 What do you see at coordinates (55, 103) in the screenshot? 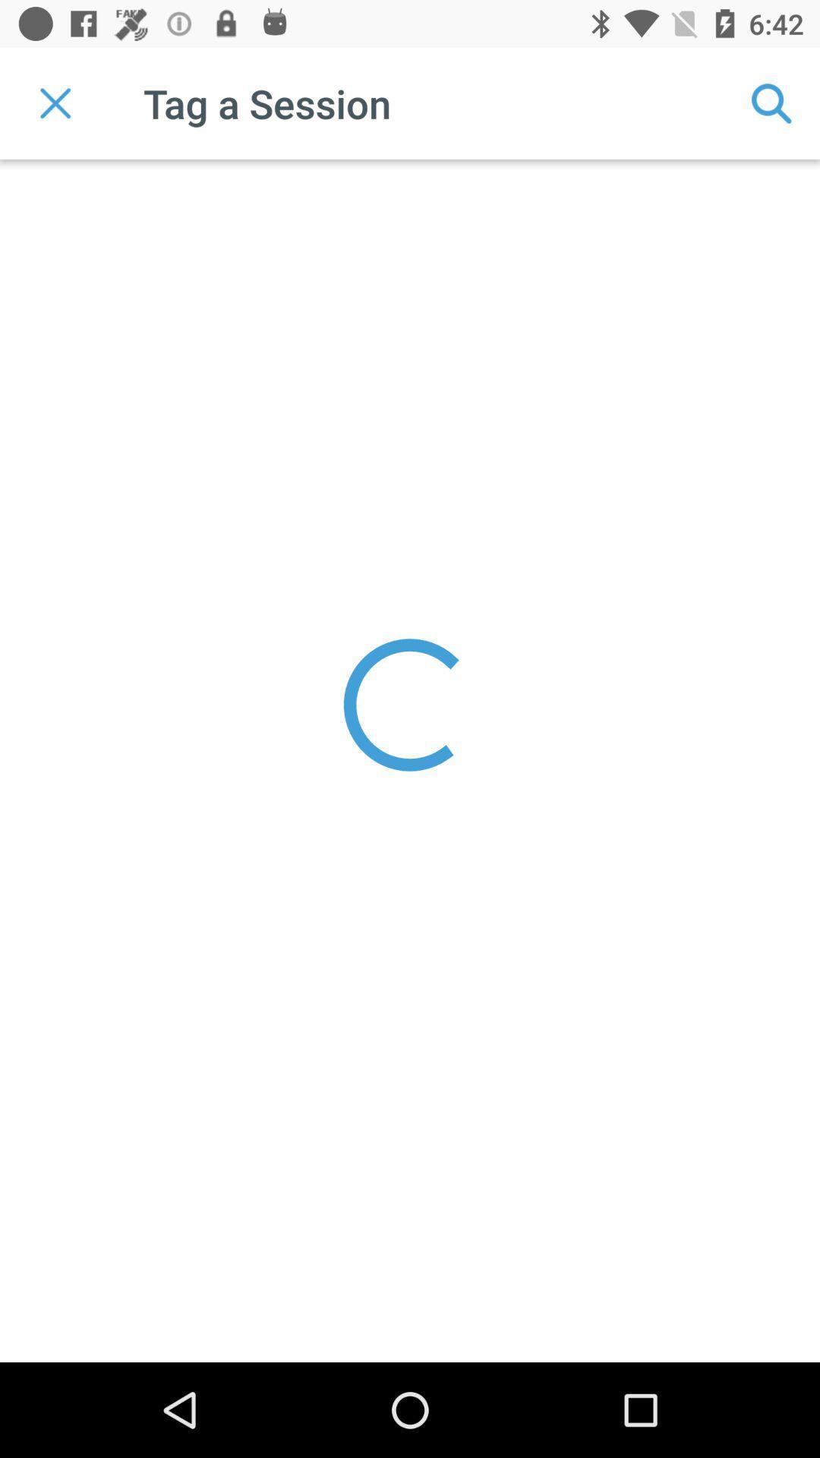
I see `icon to the left of tag a session` at bounding box center [55, 103].